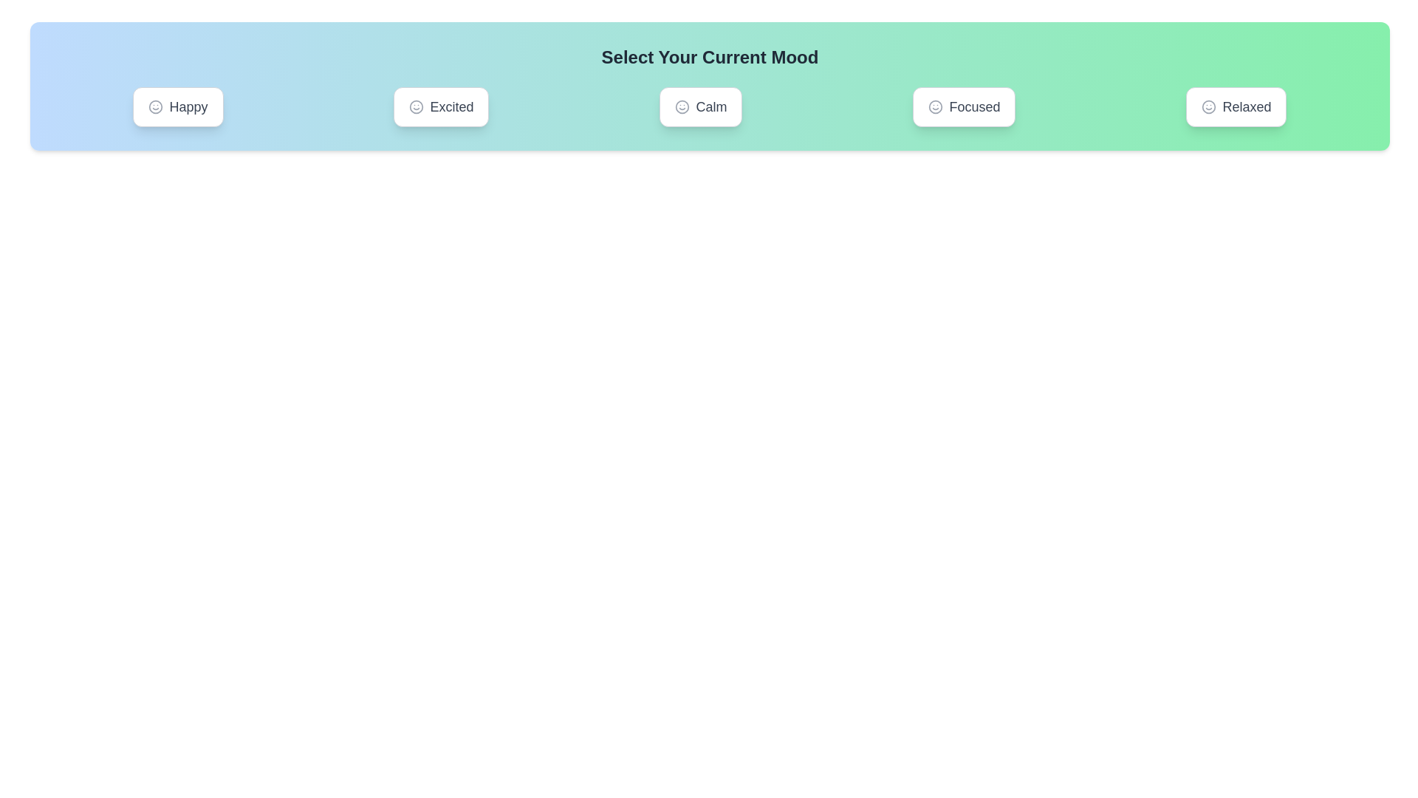 The width and height of the screenshot is (1418, 798). I want to click on the mood Relaxed by clicking on its corresponding button, so click(1236, 106).